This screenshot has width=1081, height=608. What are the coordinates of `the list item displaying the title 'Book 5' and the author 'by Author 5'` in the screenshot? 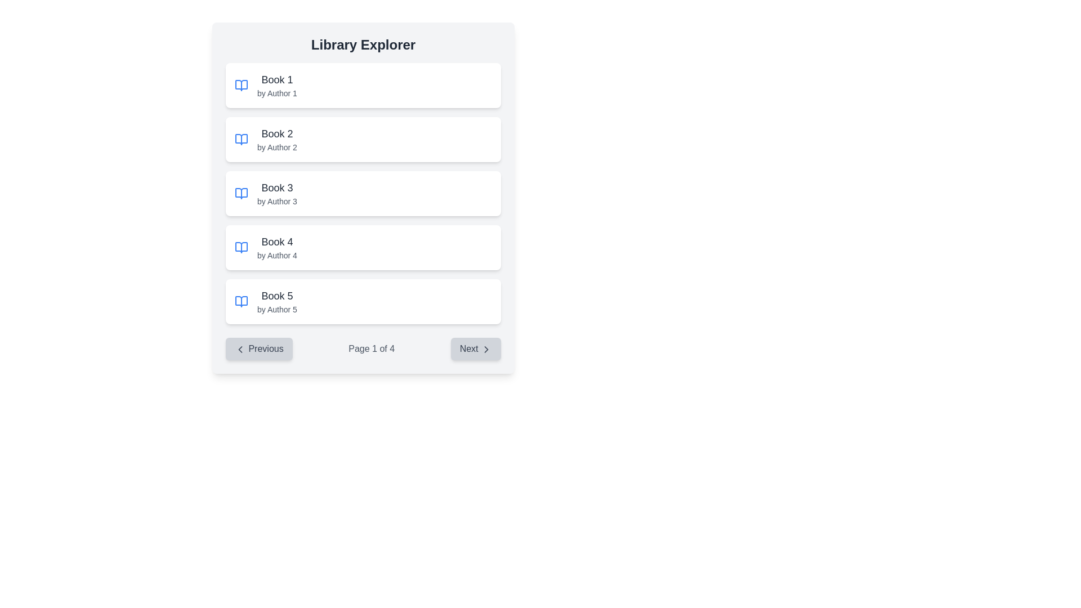 It's located at (363, 301).